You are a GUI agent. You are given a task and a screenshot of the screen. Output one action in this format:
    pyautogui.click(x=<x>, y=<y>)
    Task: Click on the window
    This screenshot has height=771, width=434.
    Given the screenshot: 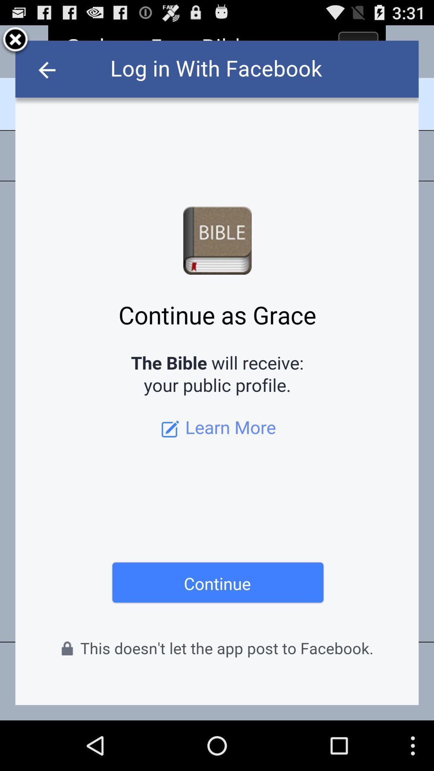 What is the action you would take?
    pyautogui.click(x=15, y=40)
    